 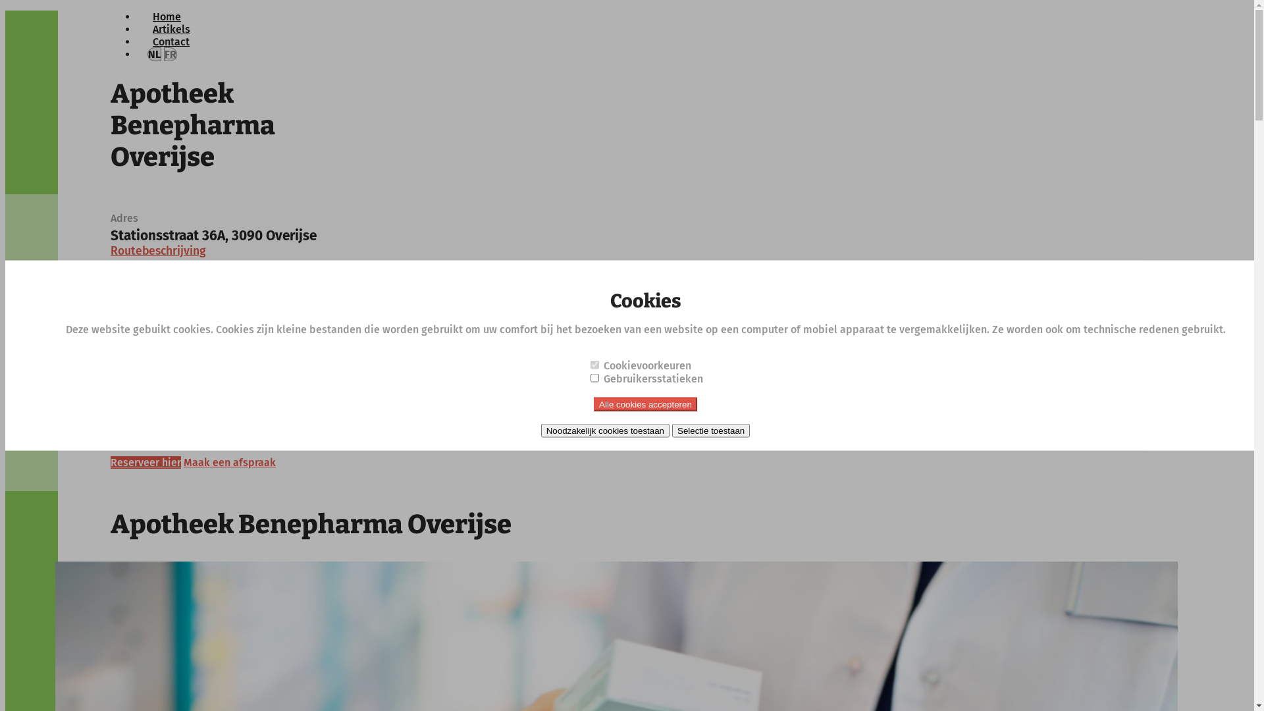 I want to click on 'Maak een afspraak', so click(x=230, y=461).